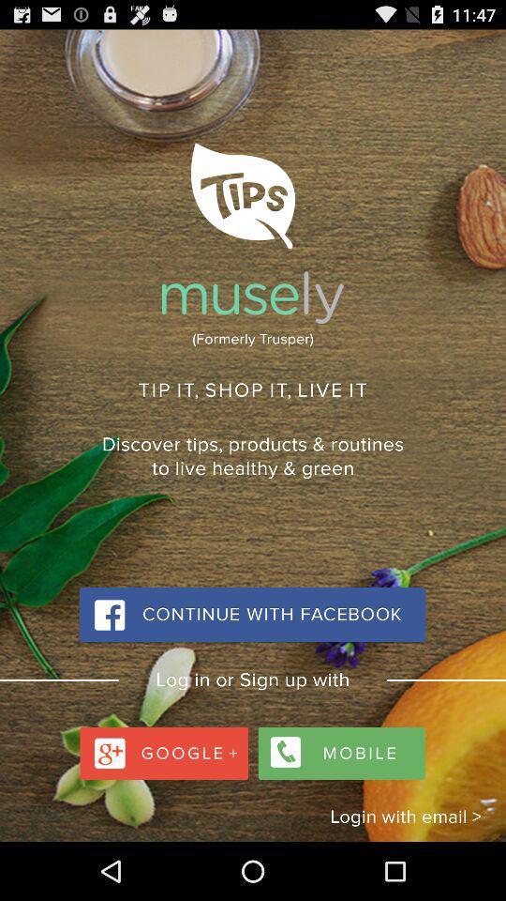 The width and height of the screenshot is (506, 901). I want to click on google home, so click(166, 748).